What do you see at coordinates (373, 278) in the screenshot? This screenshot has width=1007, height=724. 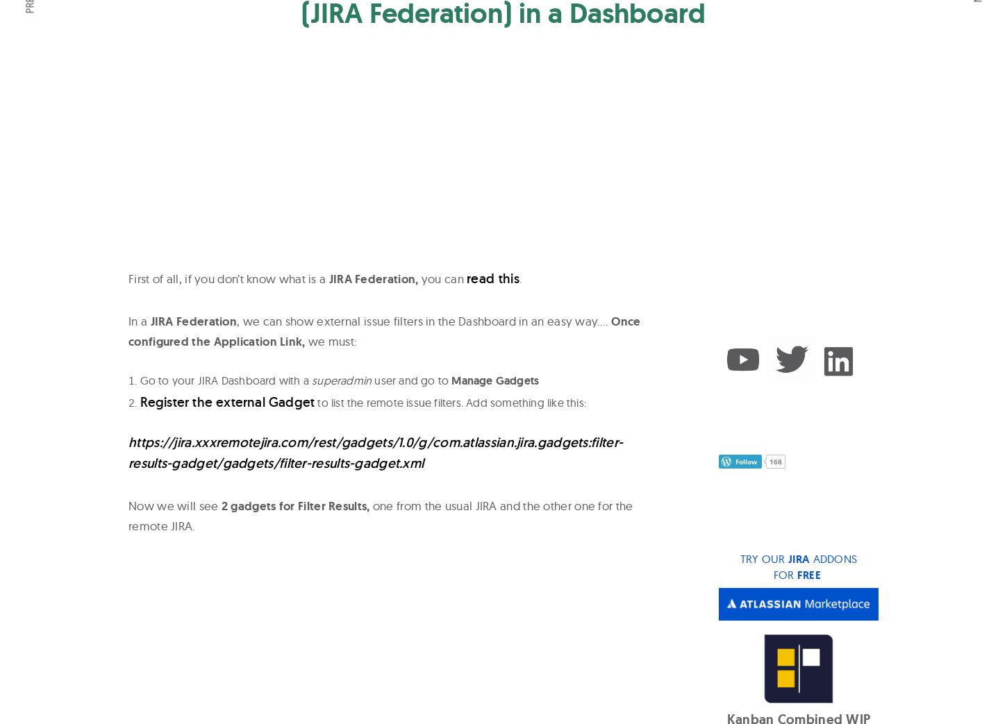 I see `'JIRA Federation,'` at bounding box center [373, 278].